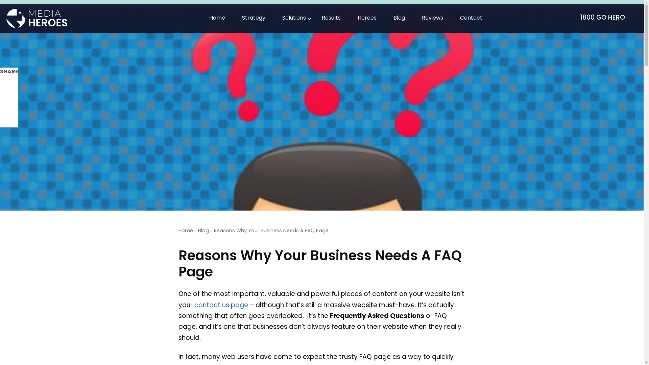 This screenshot has height=365, width=649. Describe the element at coordinates (253, 18) in the screenshot. I see `'Strategy'` at that location.